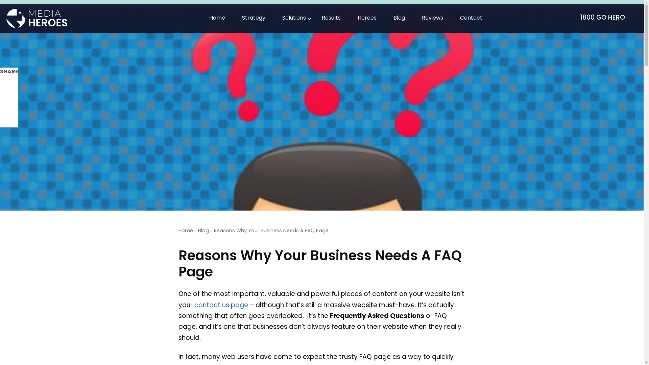 This screenshot has height=365, width=649. Describe the element at coordinates (253, 18) in the screenshot. I see `'Strategy'` at that location.